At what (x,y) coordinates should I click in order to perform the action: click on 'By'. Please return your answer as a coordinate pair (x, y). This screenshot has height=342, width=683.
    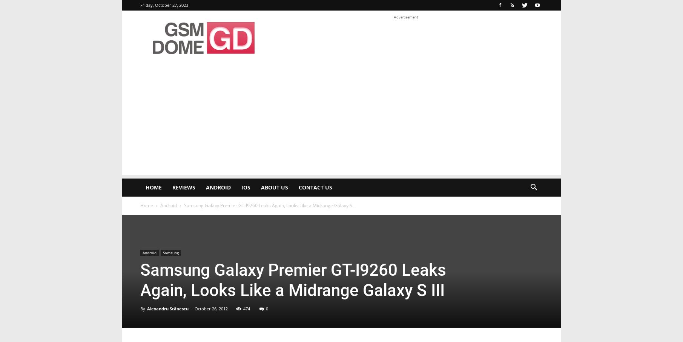
    Looking at the image, I should click on (142, 308).